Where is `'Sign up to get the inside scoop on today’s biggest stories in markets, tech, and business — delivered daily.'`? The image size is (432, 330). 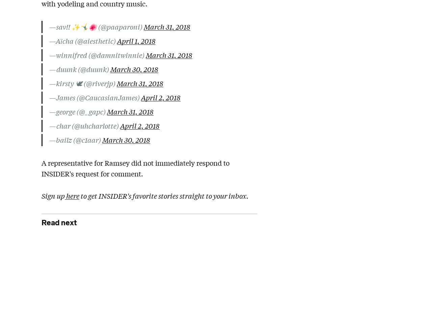 'Sign up to get the inside scoop on today’s biggest stories in markets, tech, and business — delivered daily.' is located at coordinates (41, 267).